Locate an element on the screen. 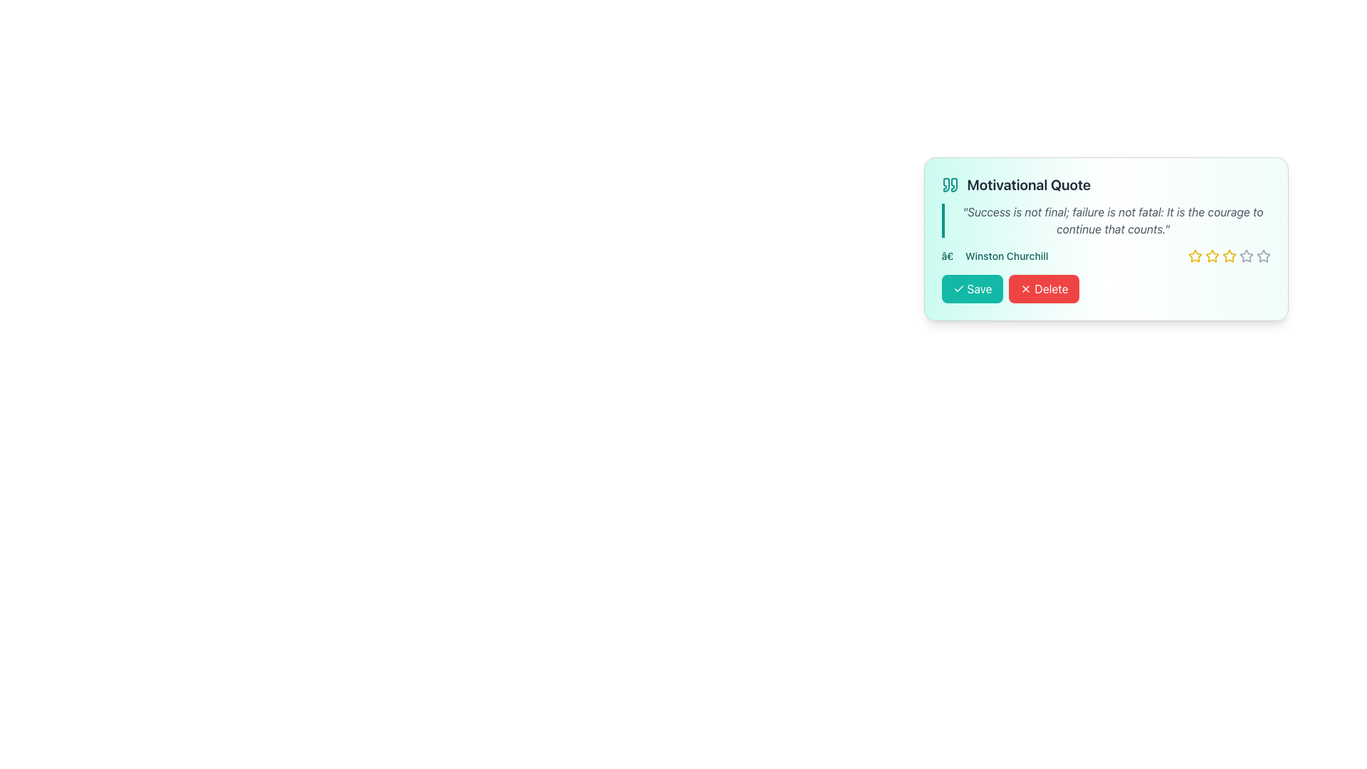 This screenshot has height=769, width=1367. the green 'Save' button with white text and a checkmark icon on the left, located to the left of the red 'Delete' button is located at coordinates (971, 288).